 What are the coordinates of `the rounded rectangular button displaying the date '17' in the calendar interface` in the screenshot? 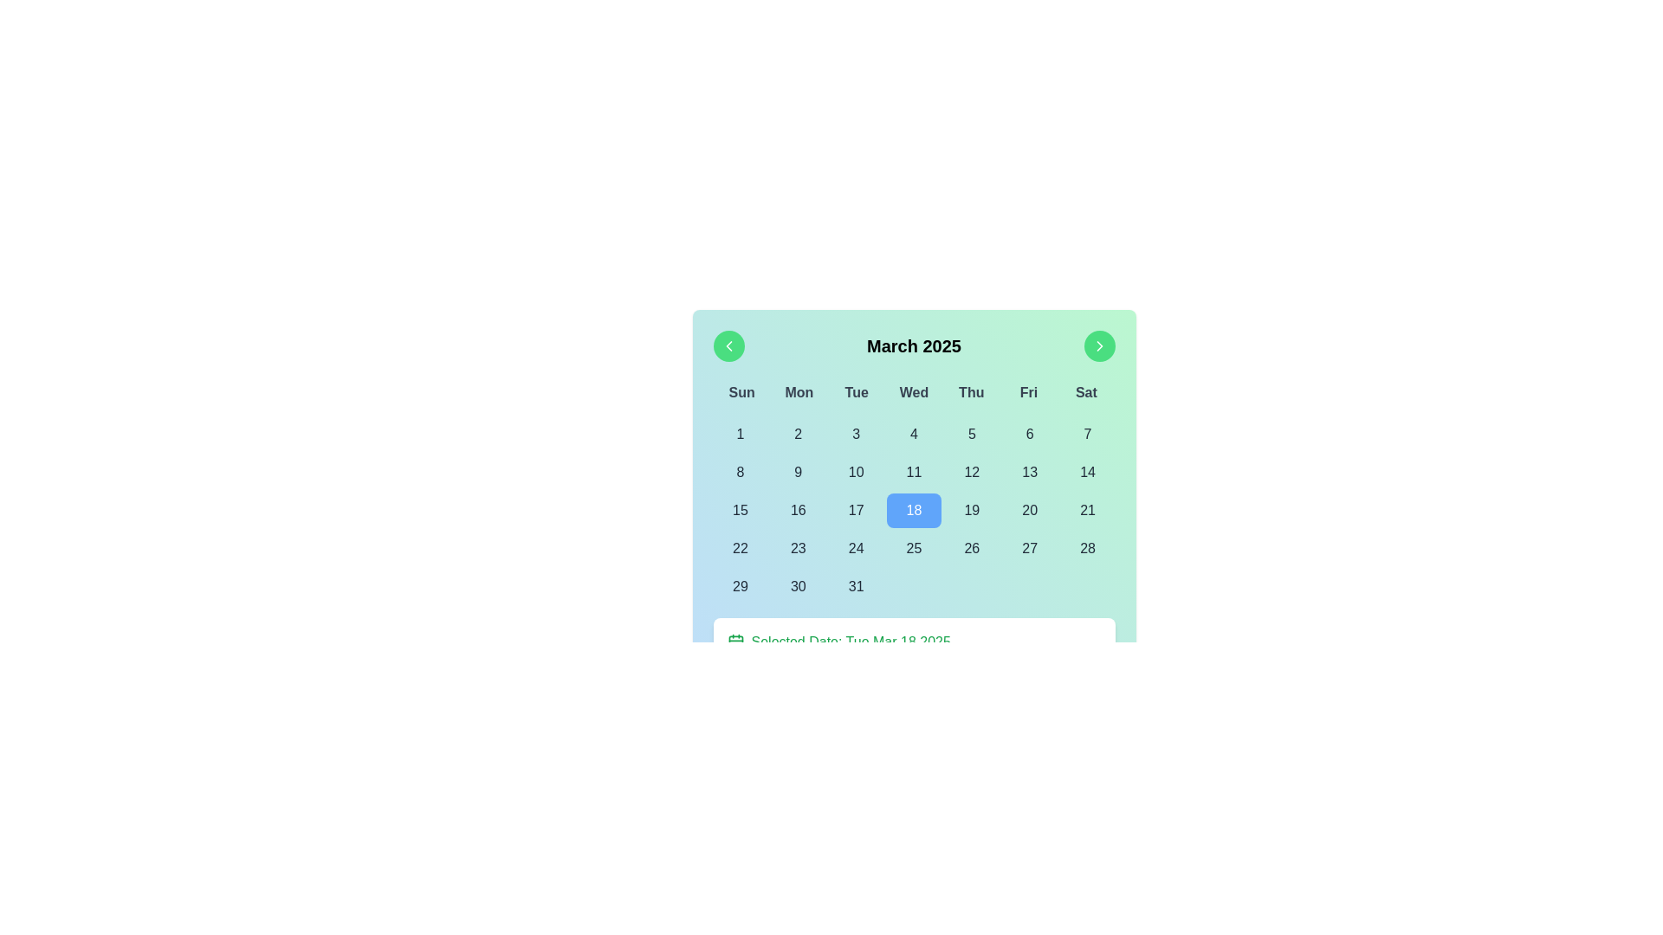 It's located at (856, 510).